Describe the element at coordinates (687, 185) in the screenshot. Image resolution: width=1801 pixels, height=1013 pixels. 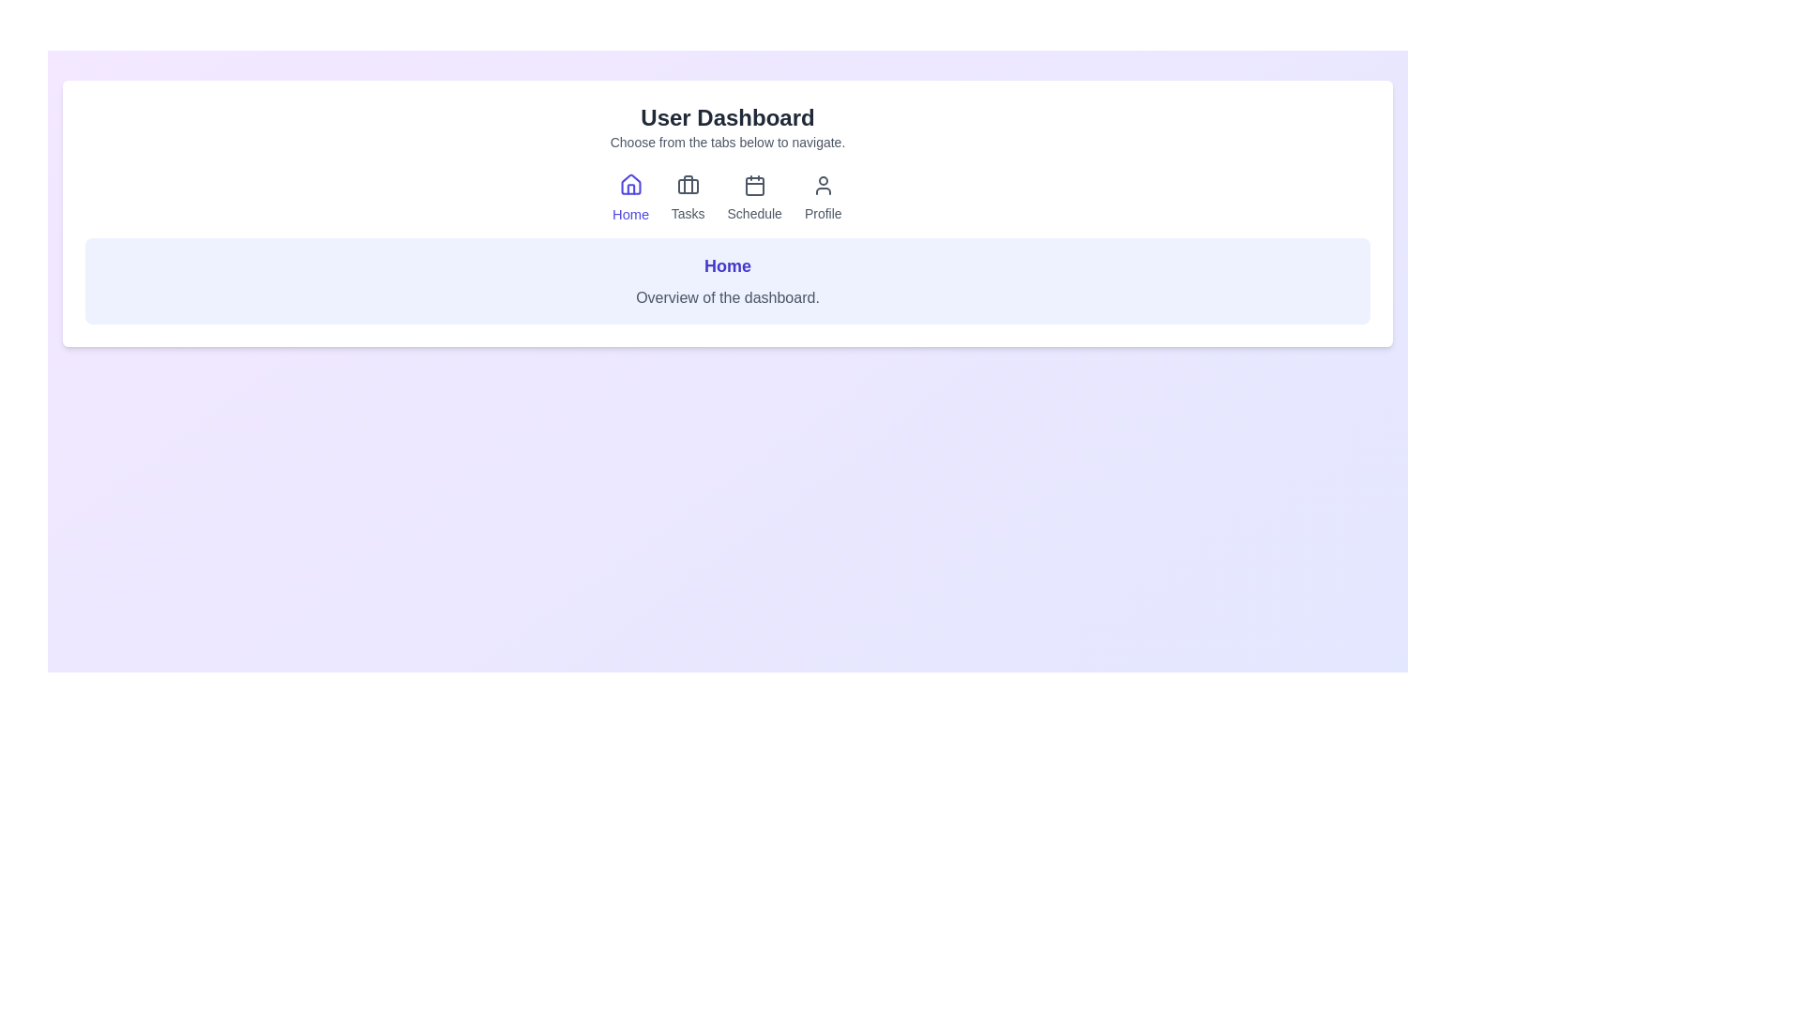
I see `the 'Tasks' icon in the navigation bar` at that location.